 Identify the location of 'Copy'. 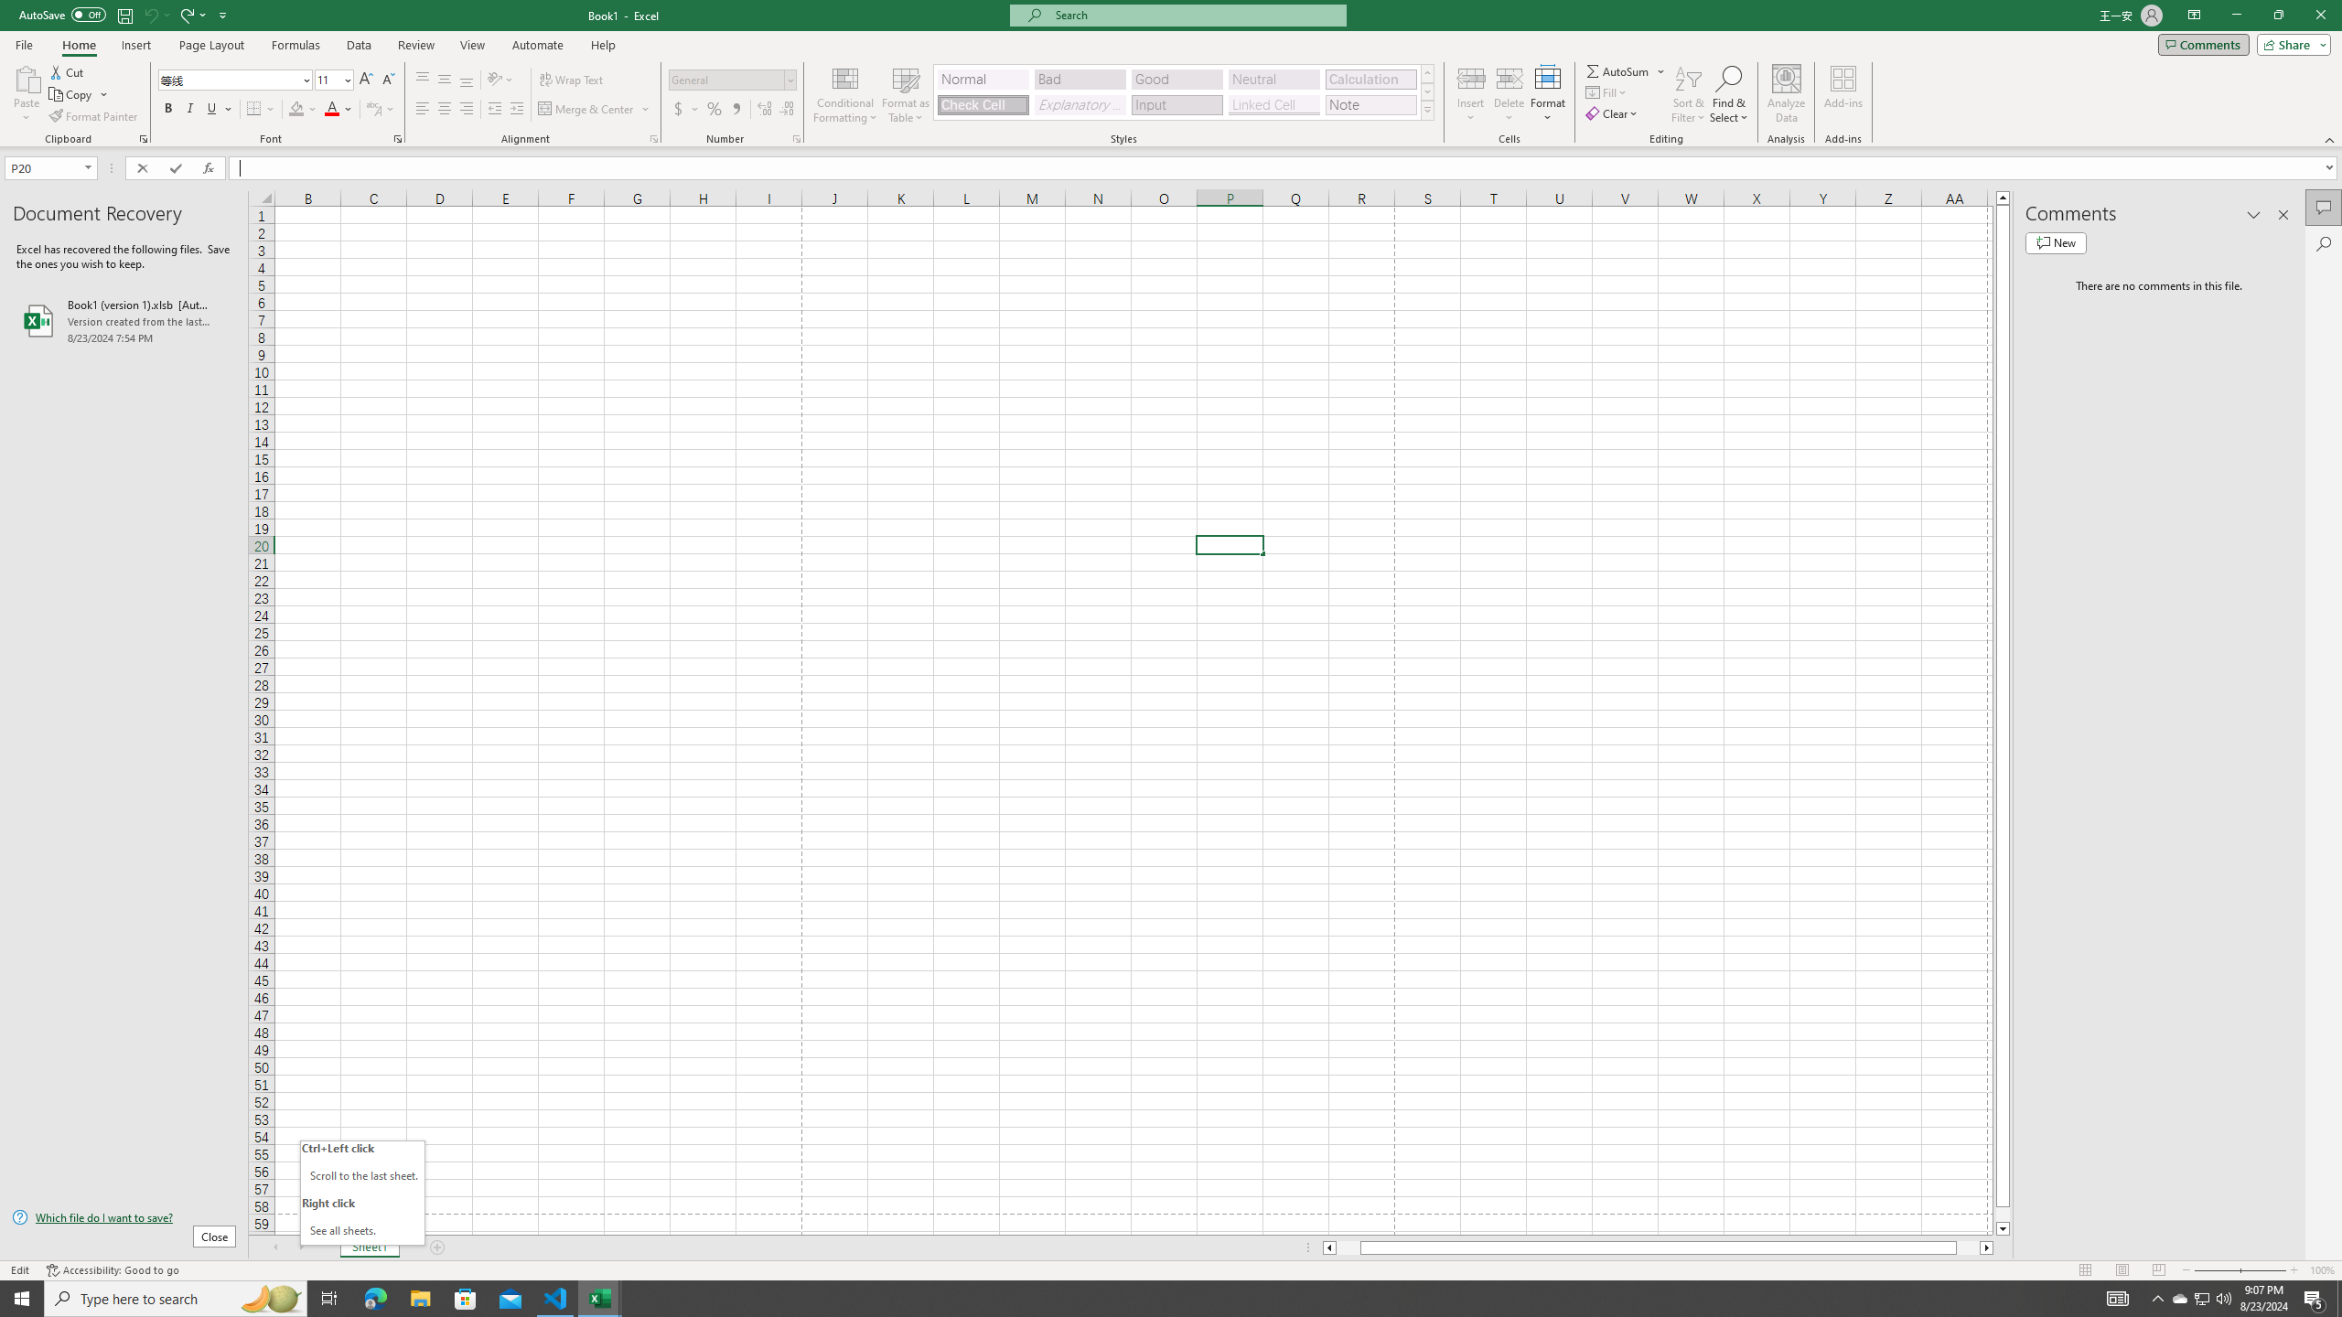
(71, 94).